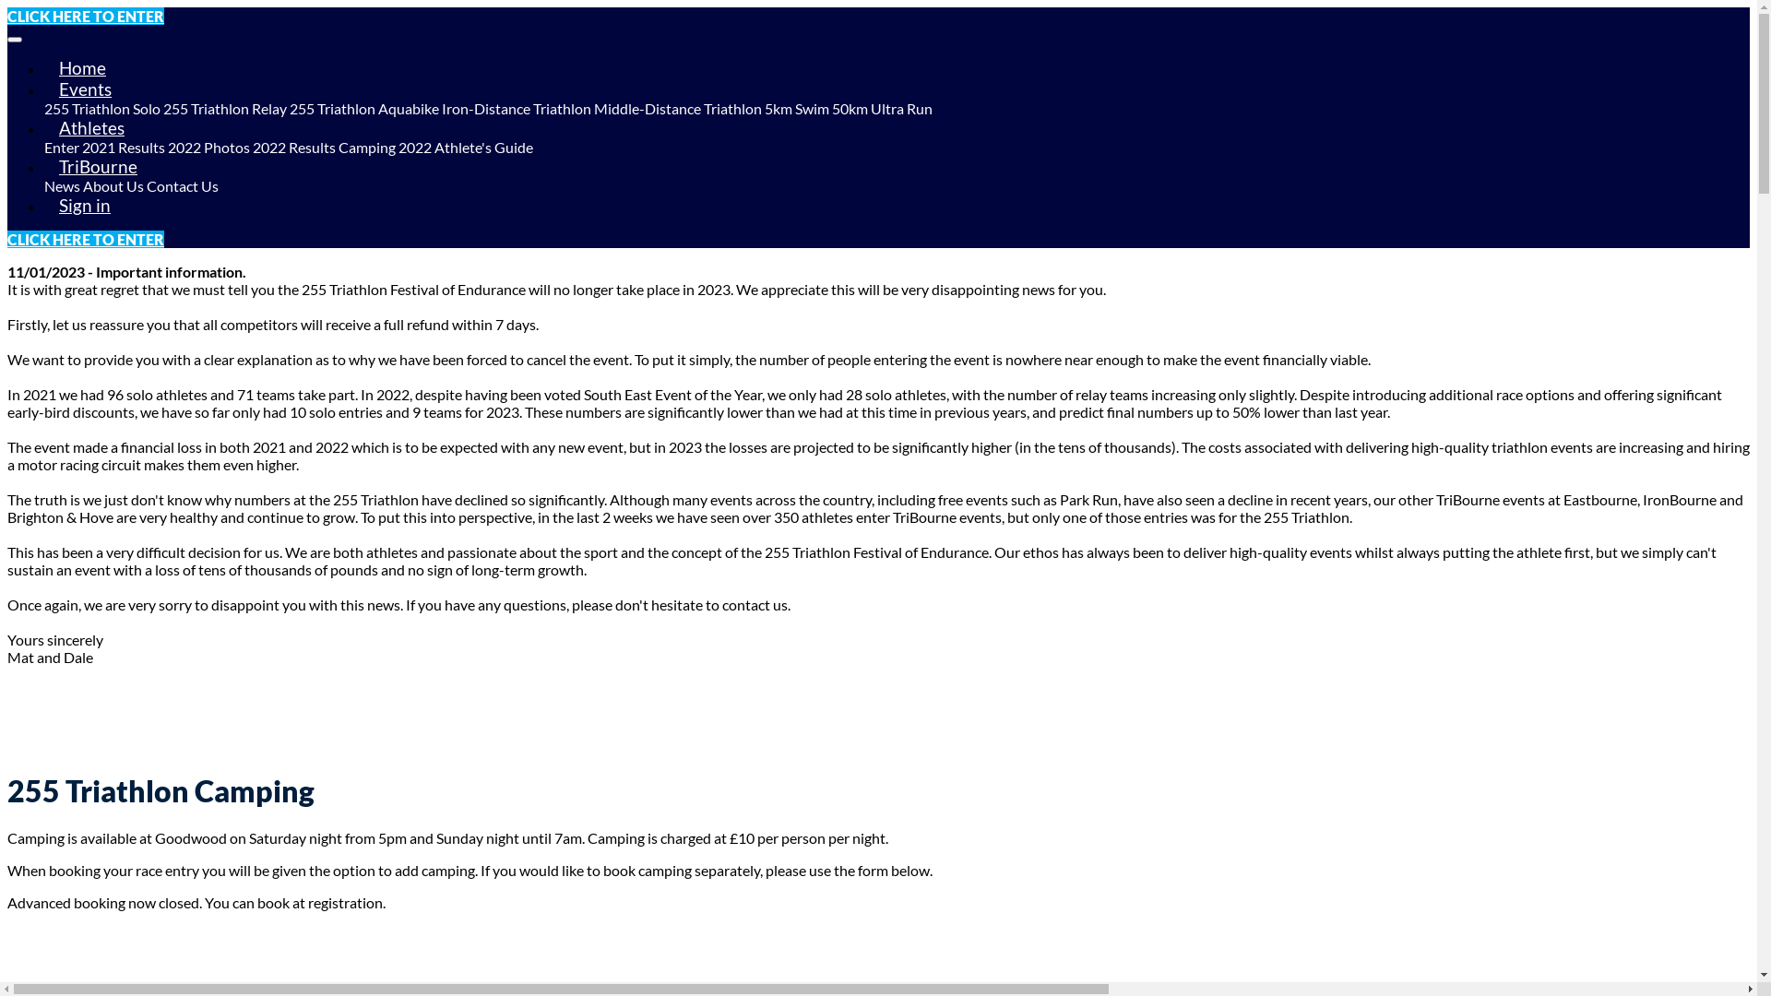  I want to click on 'CLICK HERE TO ENTER', so click(7, 238).